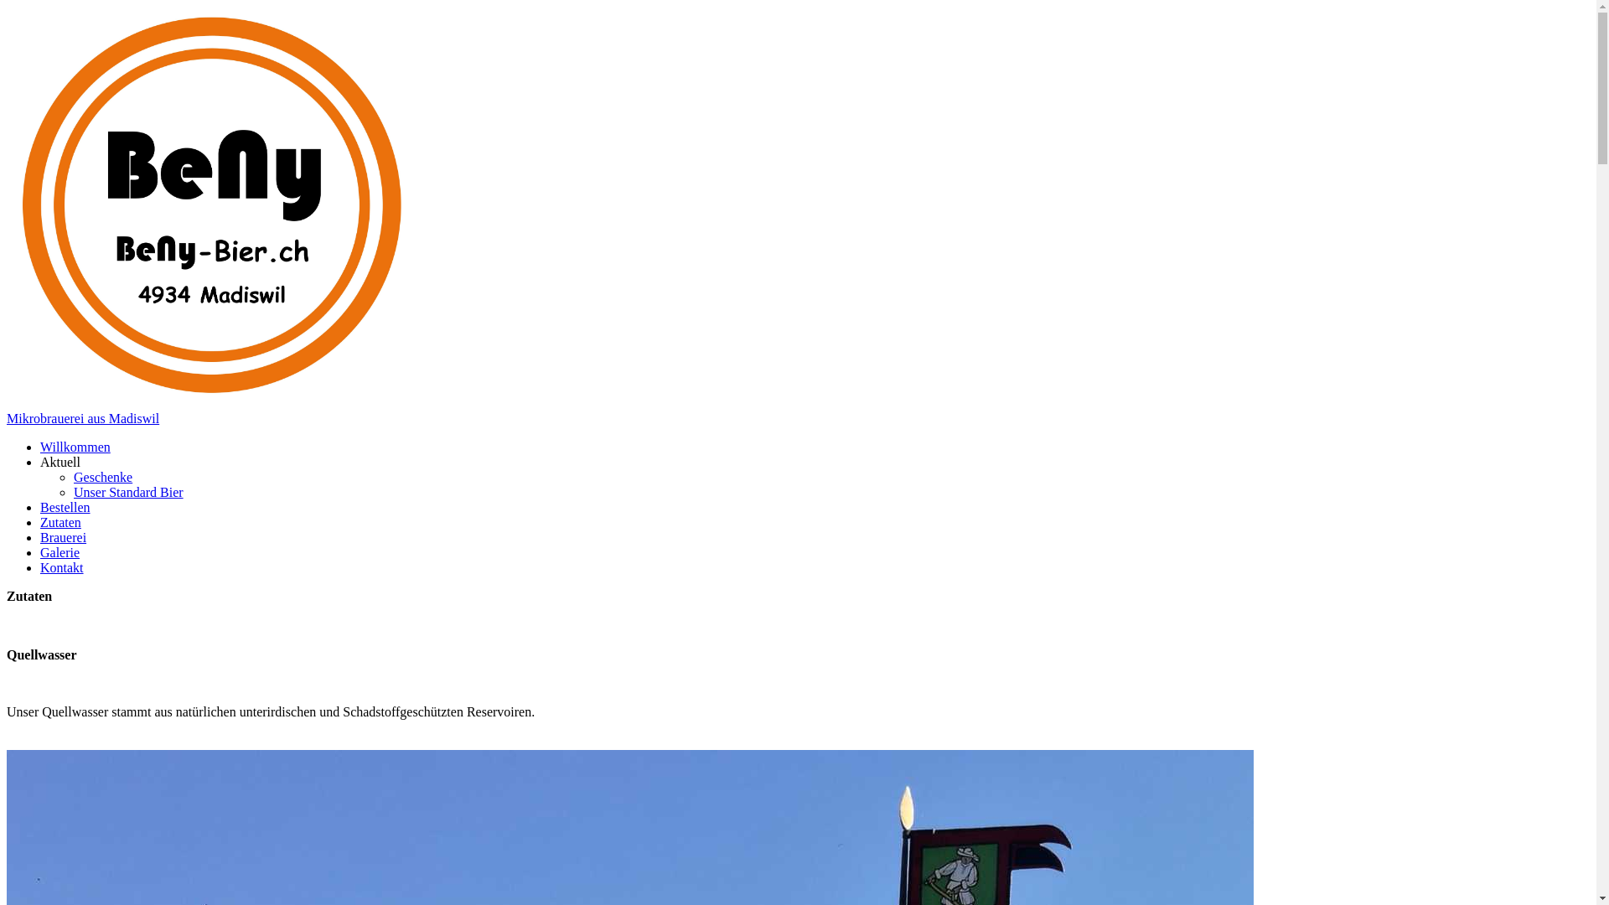 This screenshot has width=1609, height=905. I want to click on 'Bestellen', so click(65, 505).